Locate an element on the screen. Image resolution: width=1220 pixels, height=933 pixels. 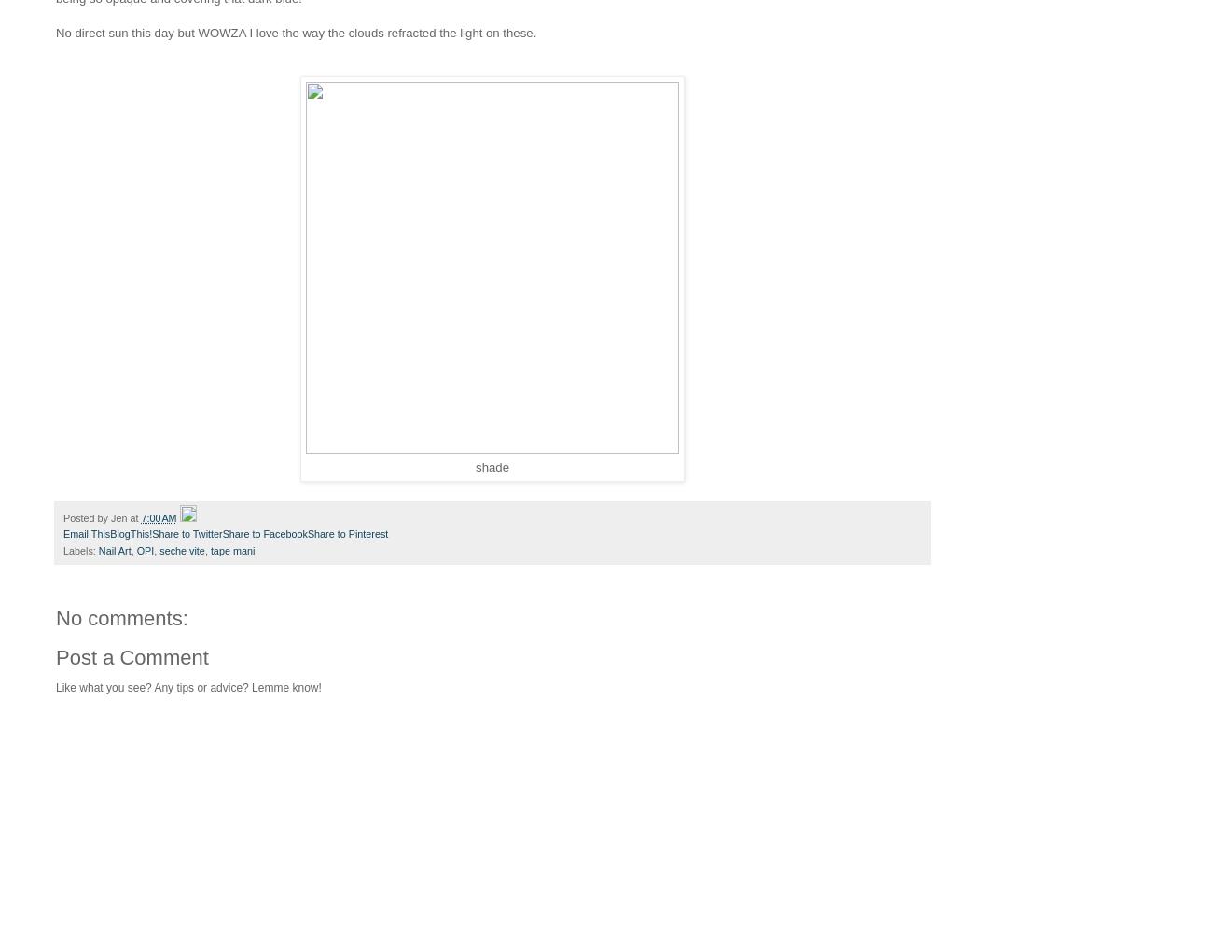
'Labels:' is located at coordinates (79, 549).